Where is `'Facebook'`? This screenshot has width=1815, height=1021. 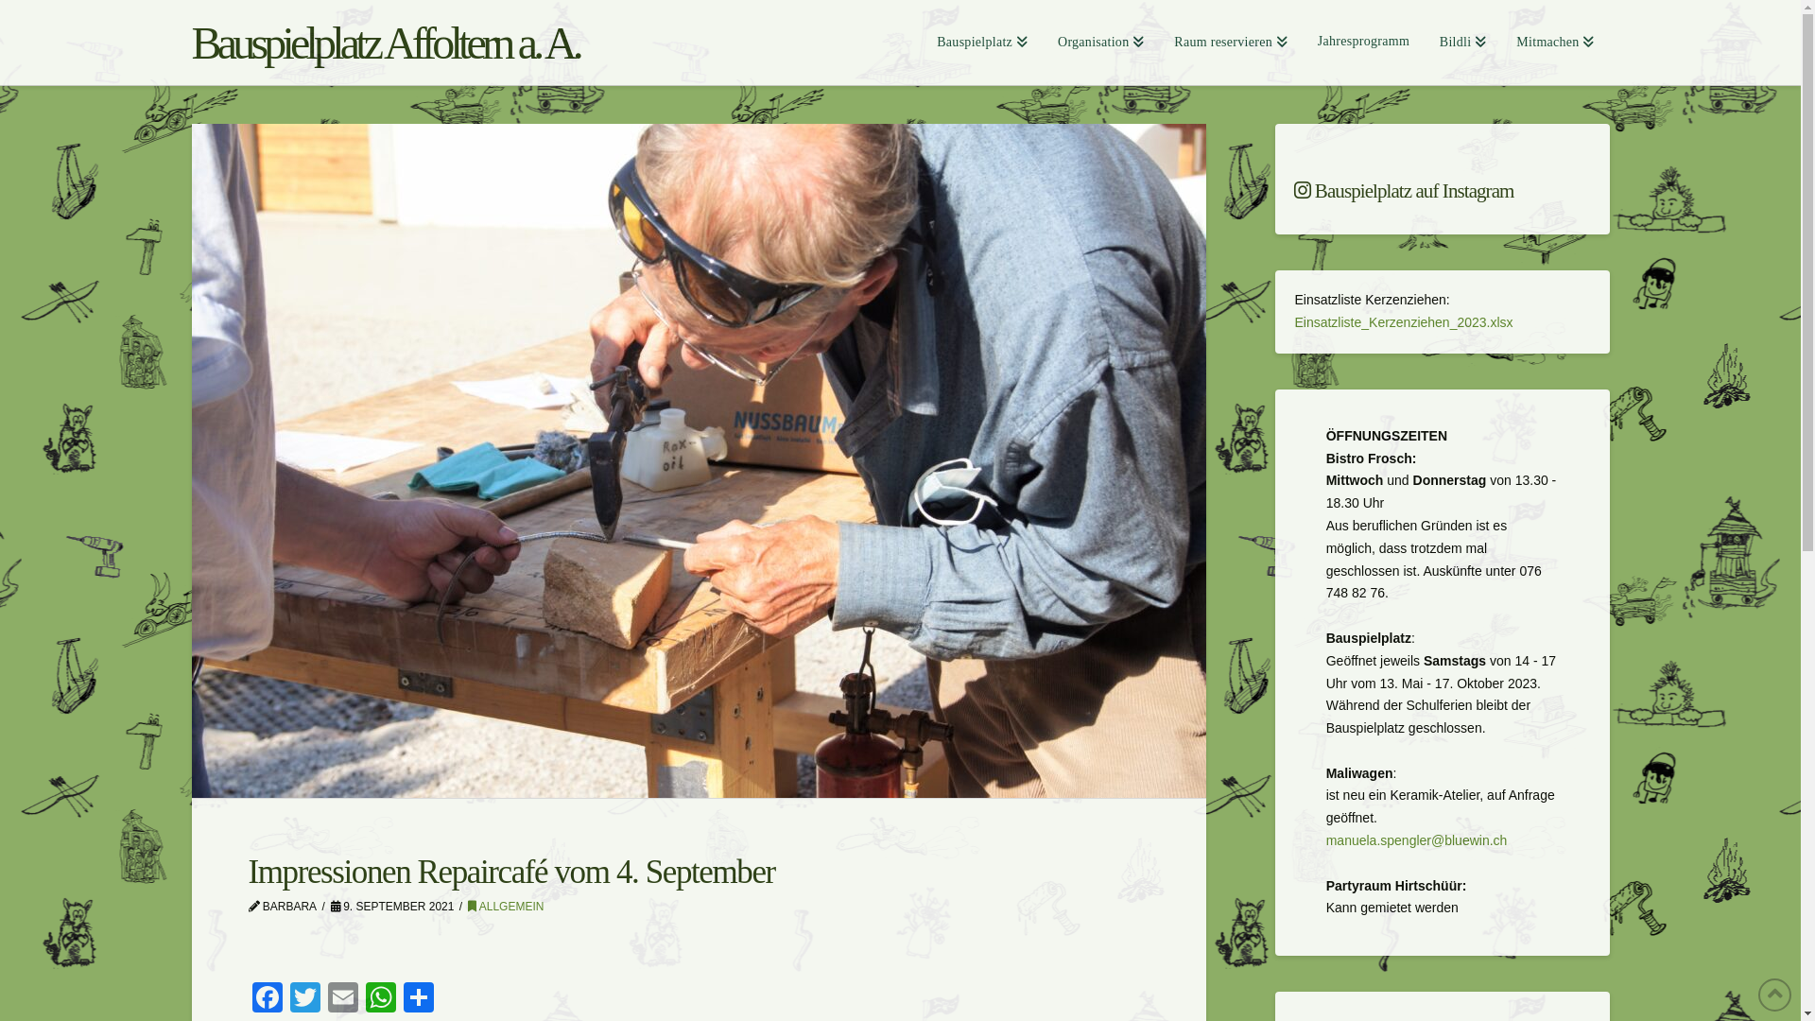
'Facebook' is located at coordinates (266, 998).